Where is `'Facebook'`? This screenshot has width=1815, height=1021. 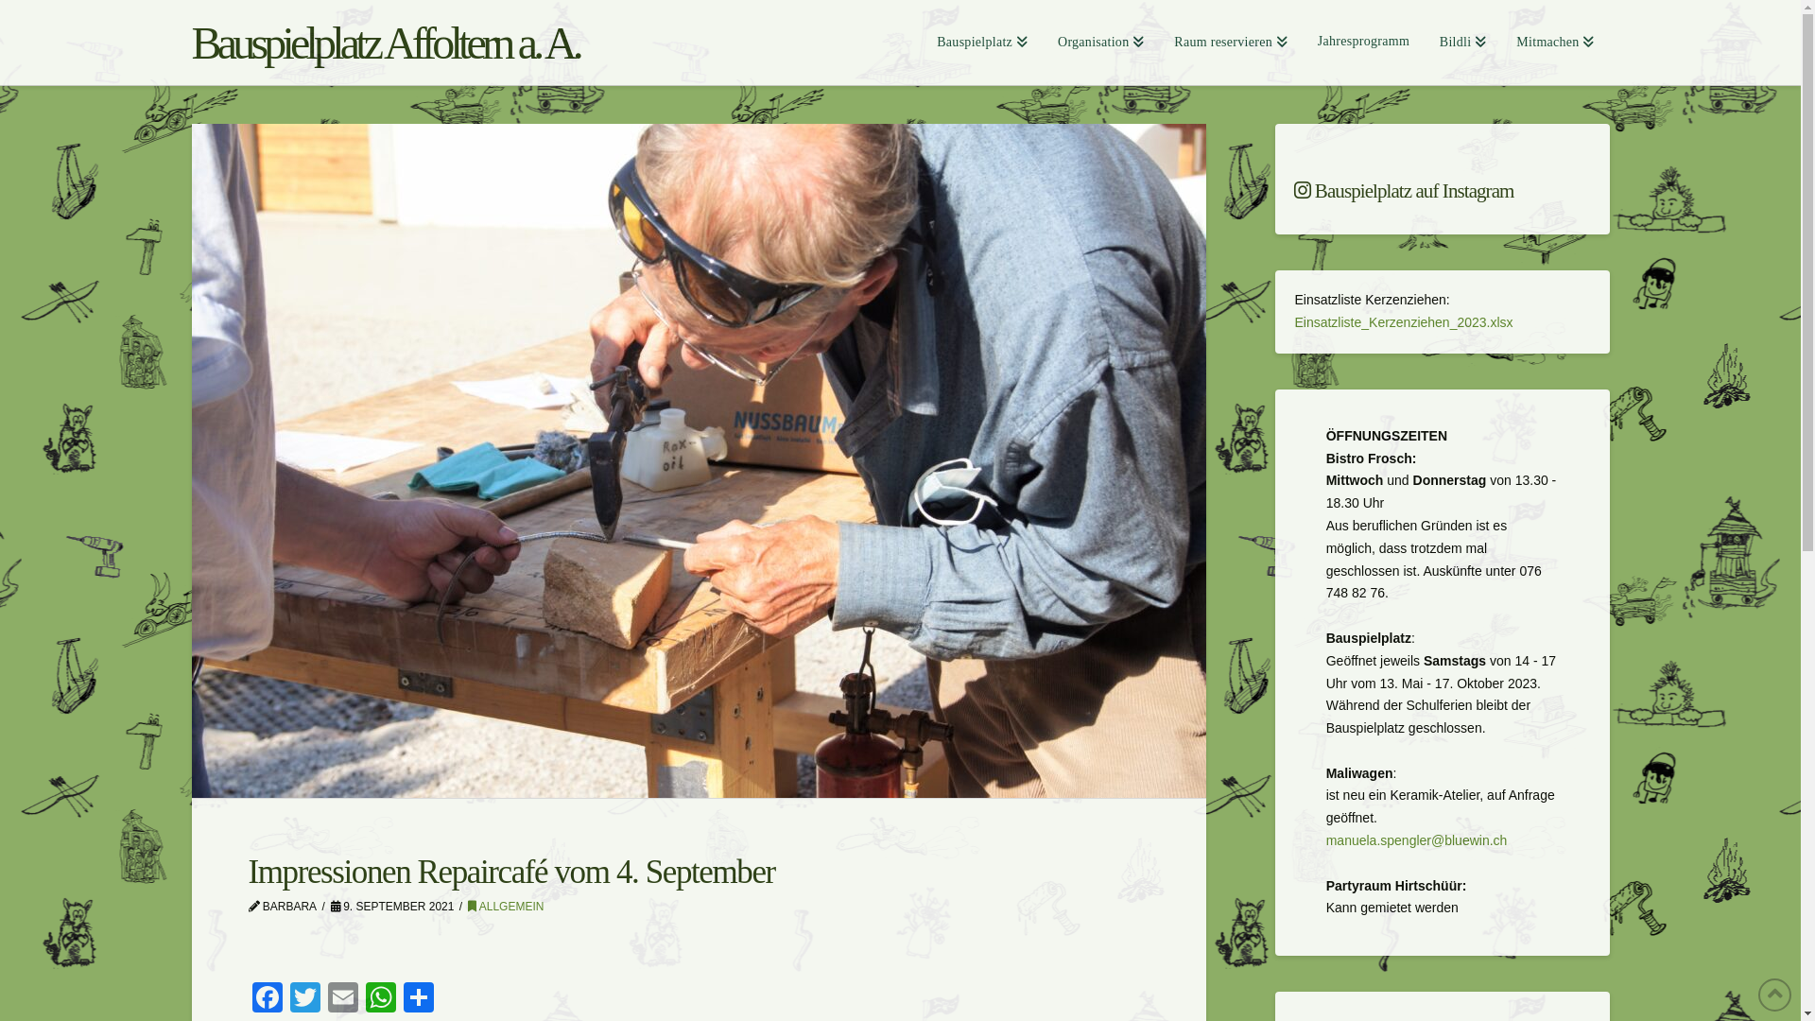
'Facebook' is located at coordinates (266, 998).